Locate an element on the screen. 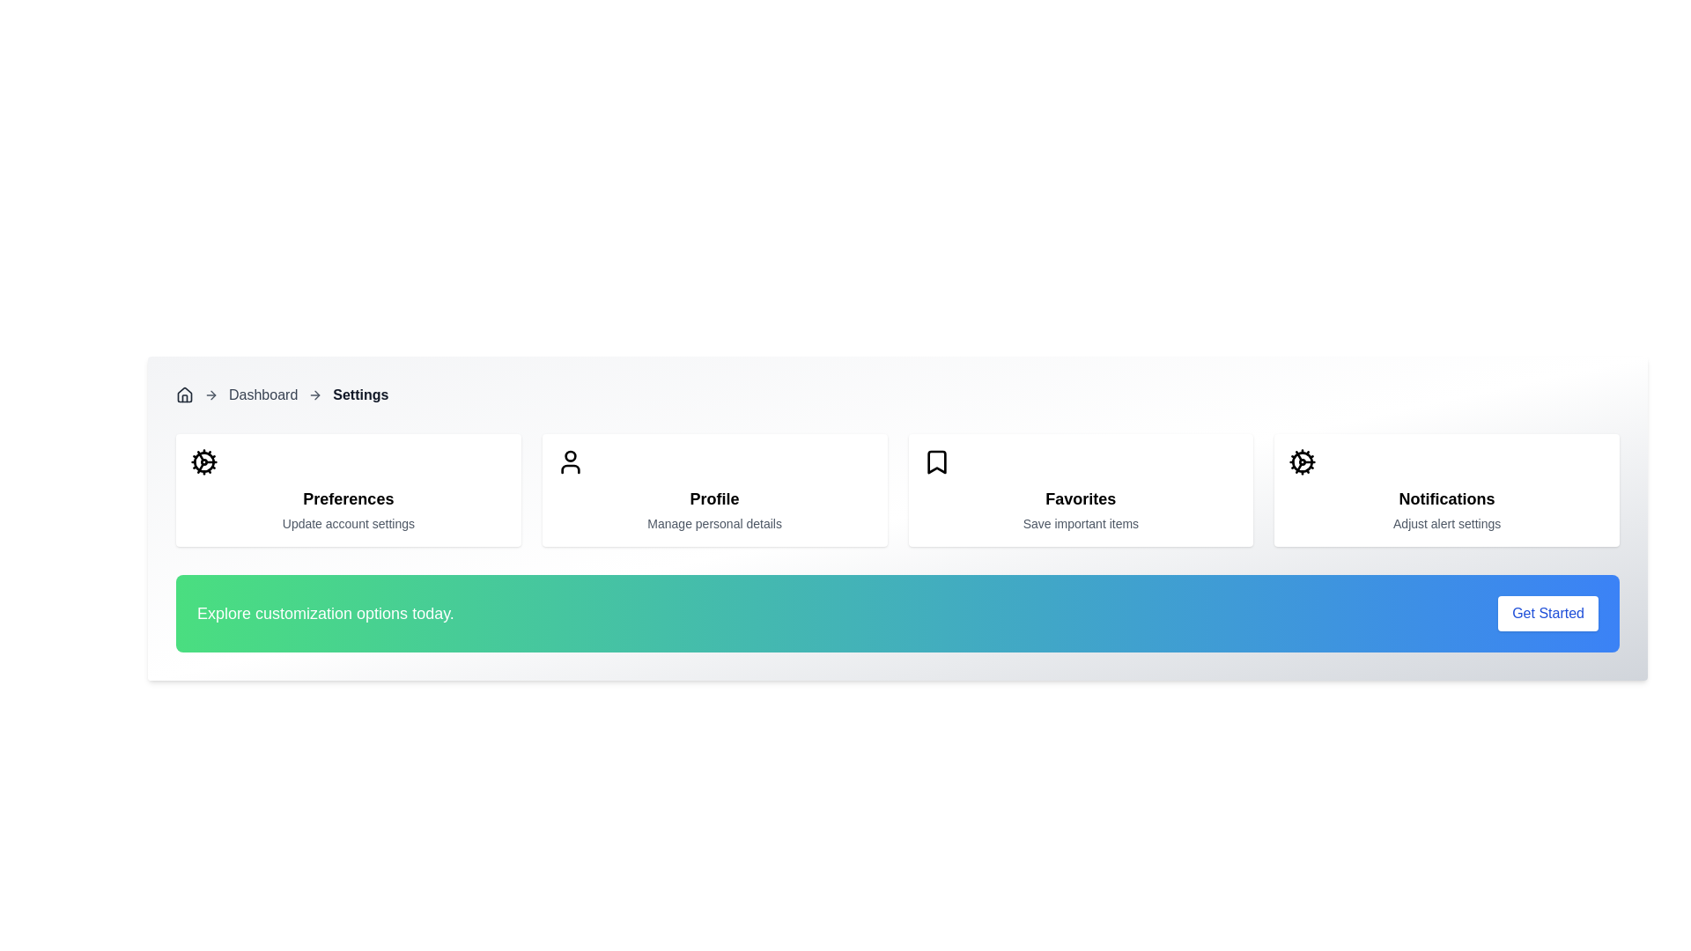 The width and height of the screenshot is (1691, 951). the bookmark-shaped icon located within the 'Favorites' card, which is the third card in a horizontal row of four cards is located at coordinates (935, 461).